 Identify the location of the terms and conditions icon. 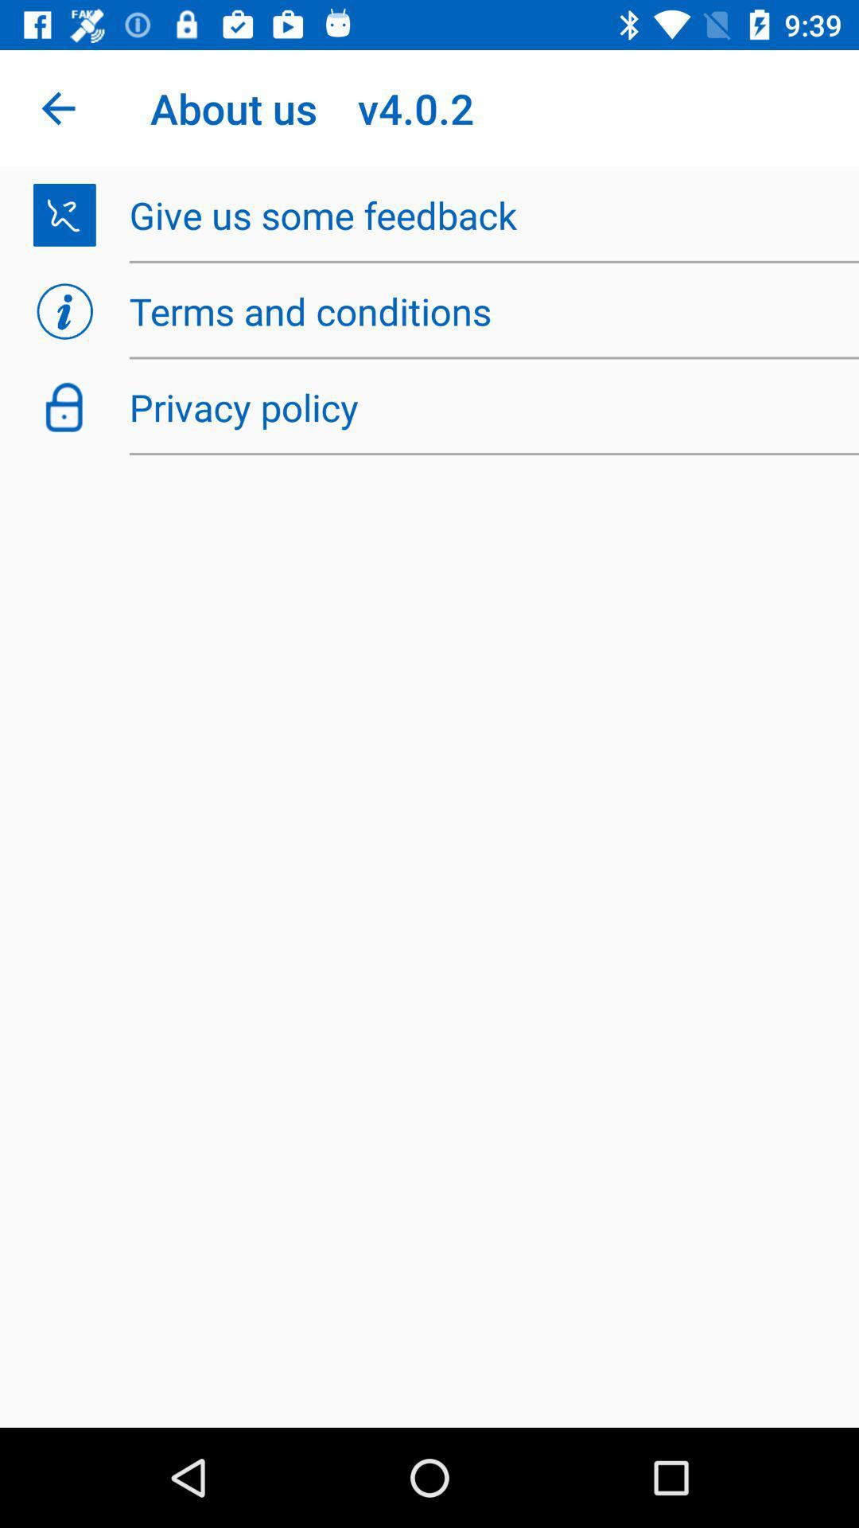
(484, 311).